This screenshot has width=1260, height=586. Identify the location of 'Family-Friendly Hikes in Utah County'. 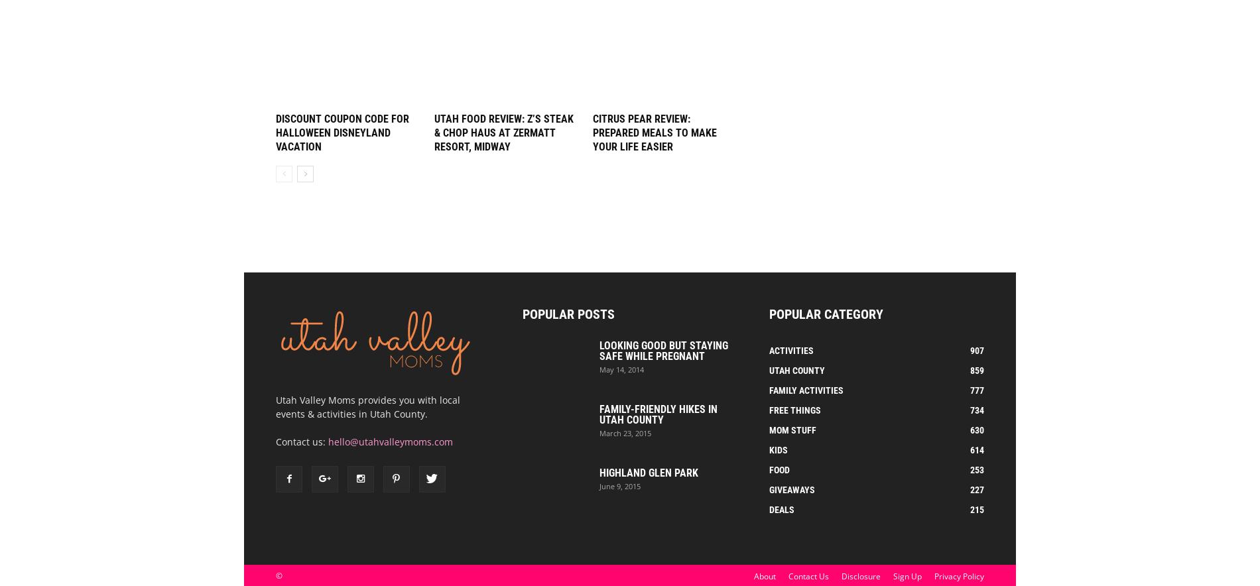
(599, 414).